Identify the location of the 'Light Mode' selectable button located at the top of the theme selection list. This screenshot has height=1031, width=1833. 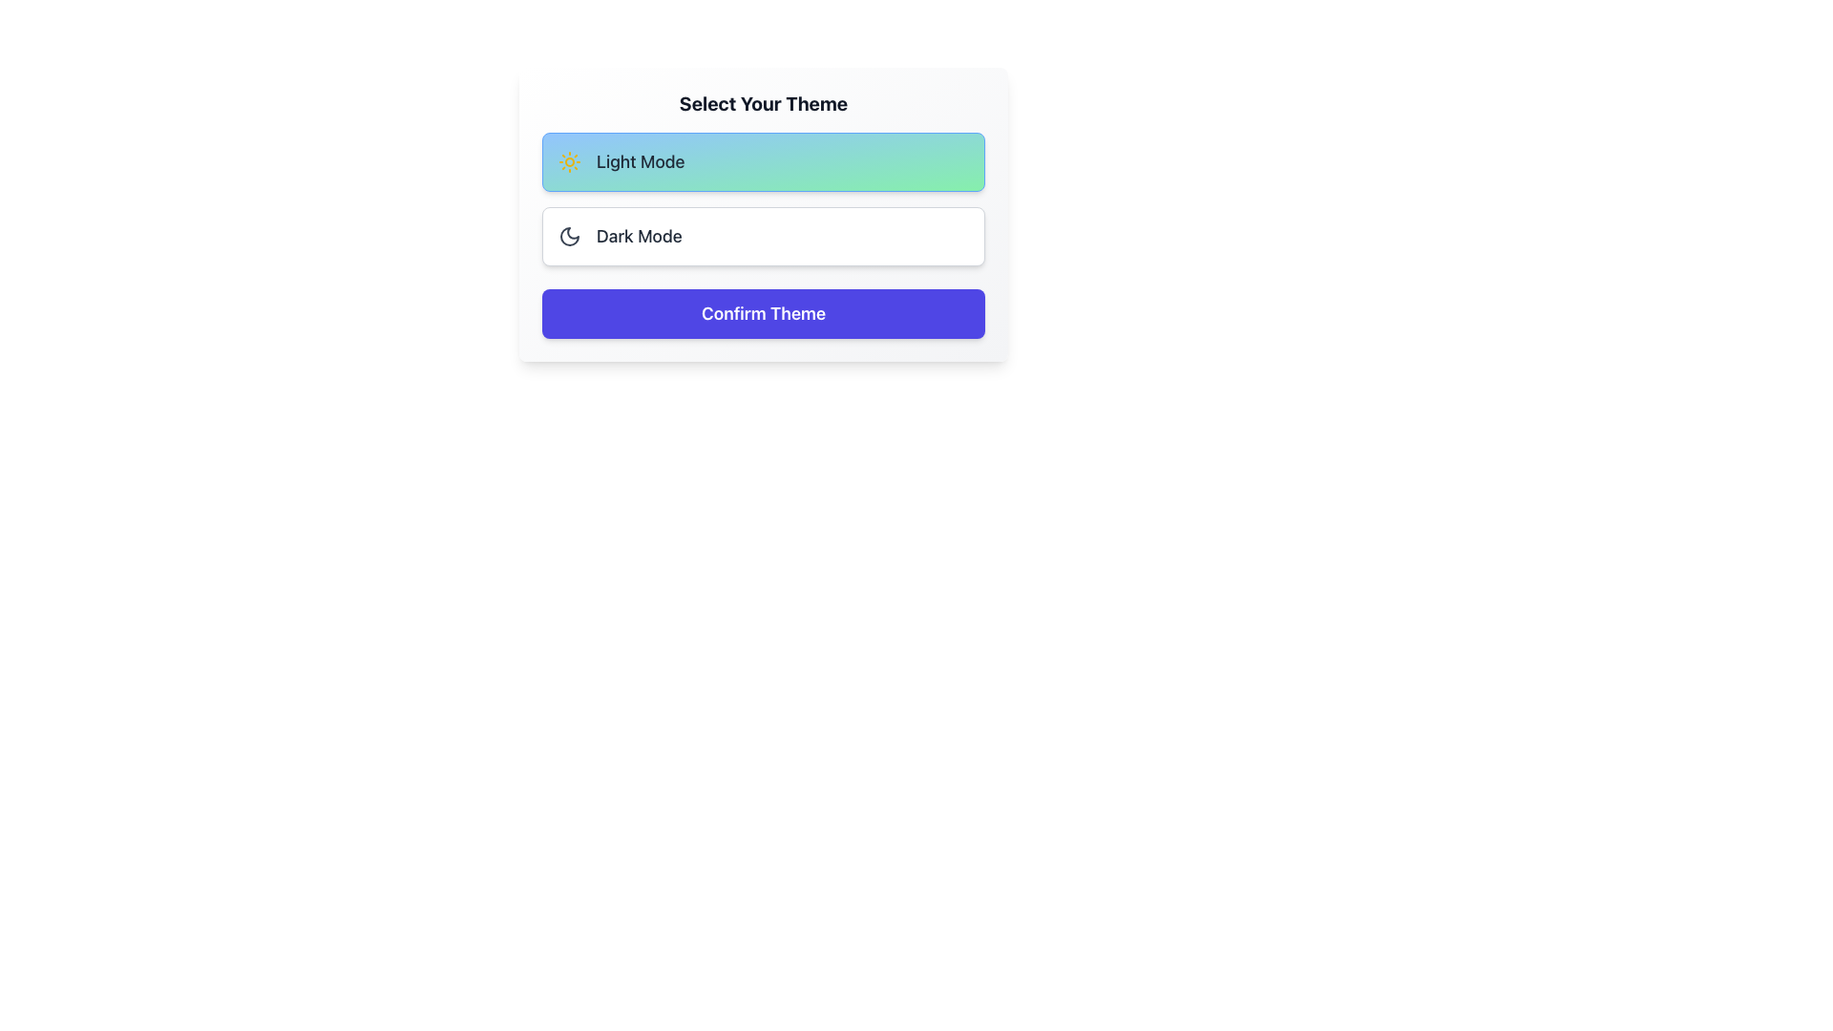
(764, 160).